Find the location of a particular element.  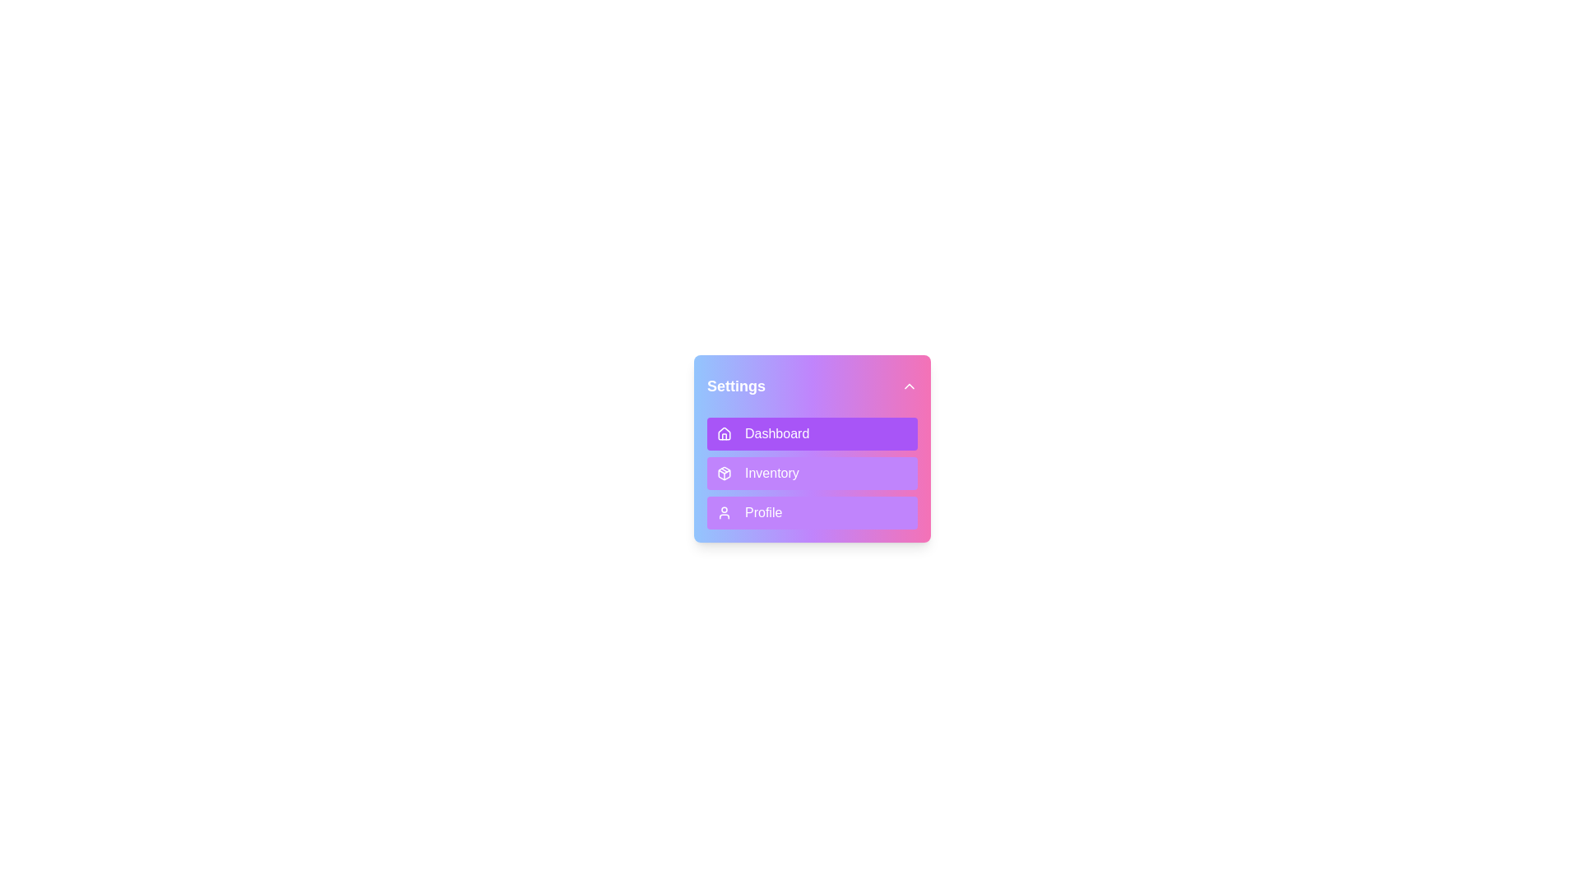

the toggle button to change the menu visibility is located at coordinates (813, 386).